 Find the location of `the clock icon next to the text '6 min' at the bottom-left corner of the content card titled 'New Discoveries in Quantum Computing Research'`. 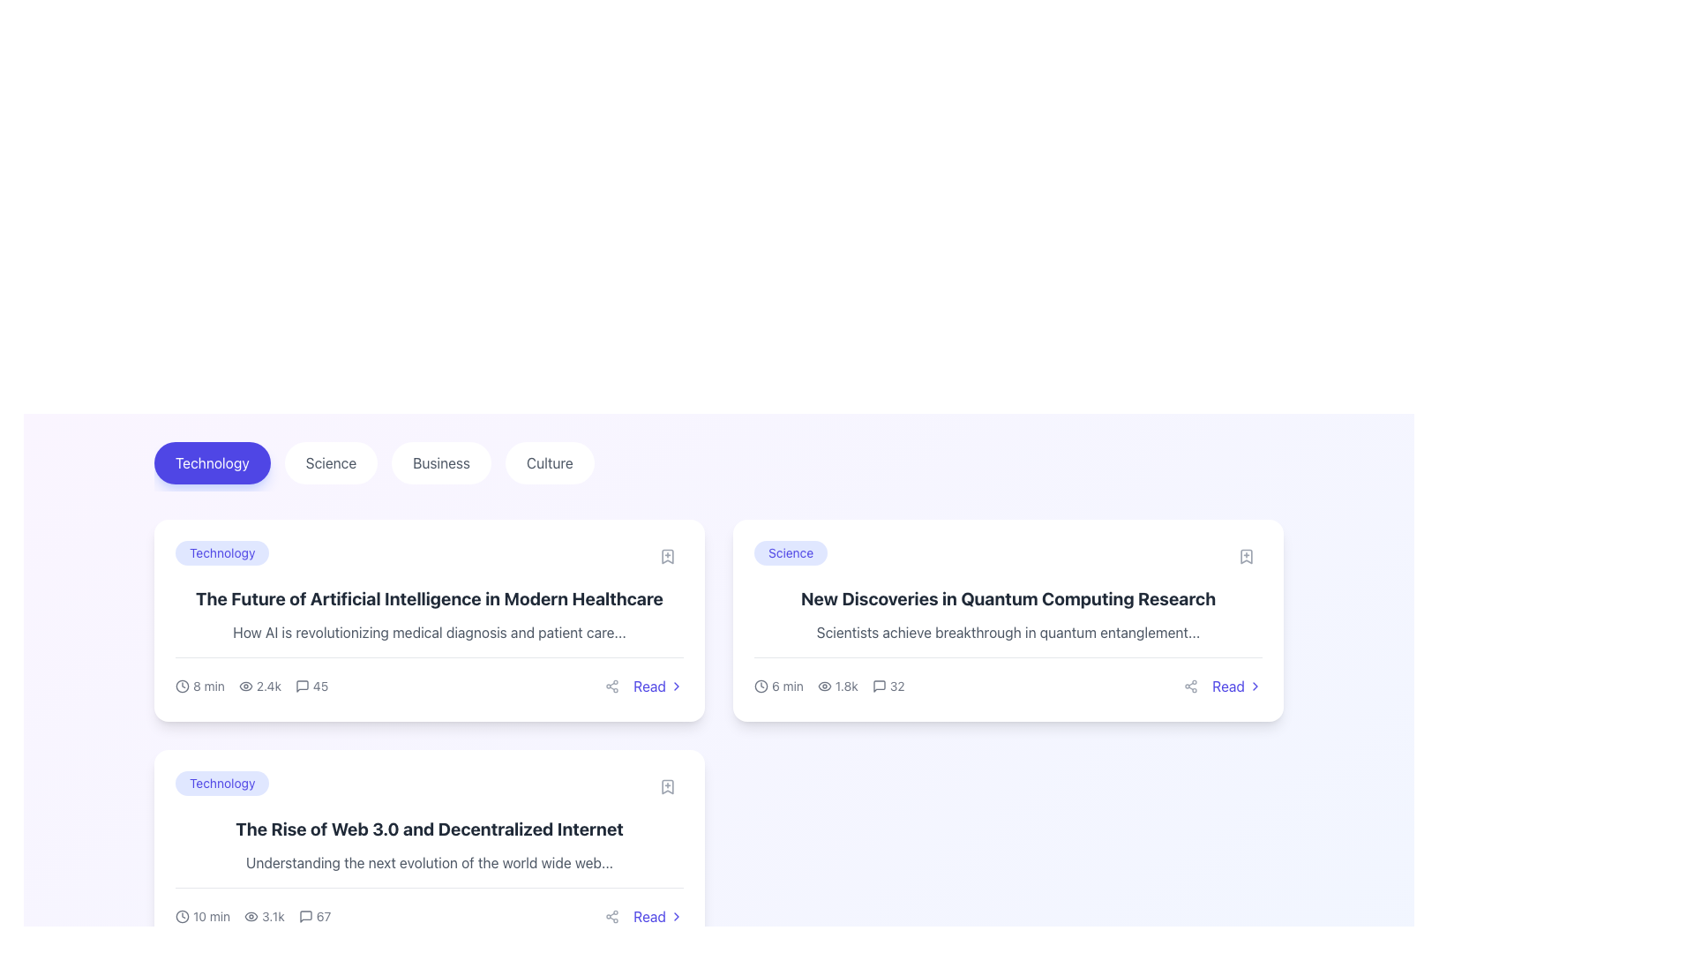

the clock icon next to the text '6 min' at the bottom-left corner of the content card titled 'New Discoveries in Quantum Computing Research' is located at coordinates (778, 686).